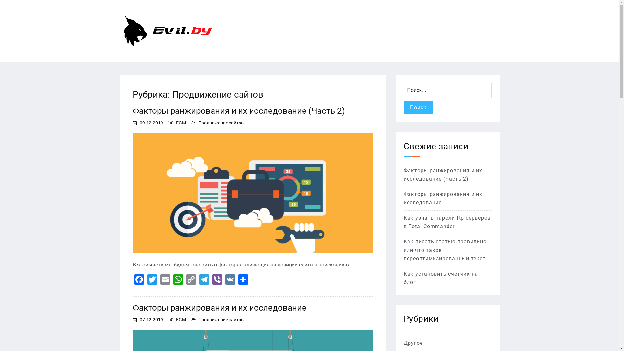 Image resolution: width=624 pixels, height=351 pixels. I want to click on '07.12.2019', so click(151, 319).